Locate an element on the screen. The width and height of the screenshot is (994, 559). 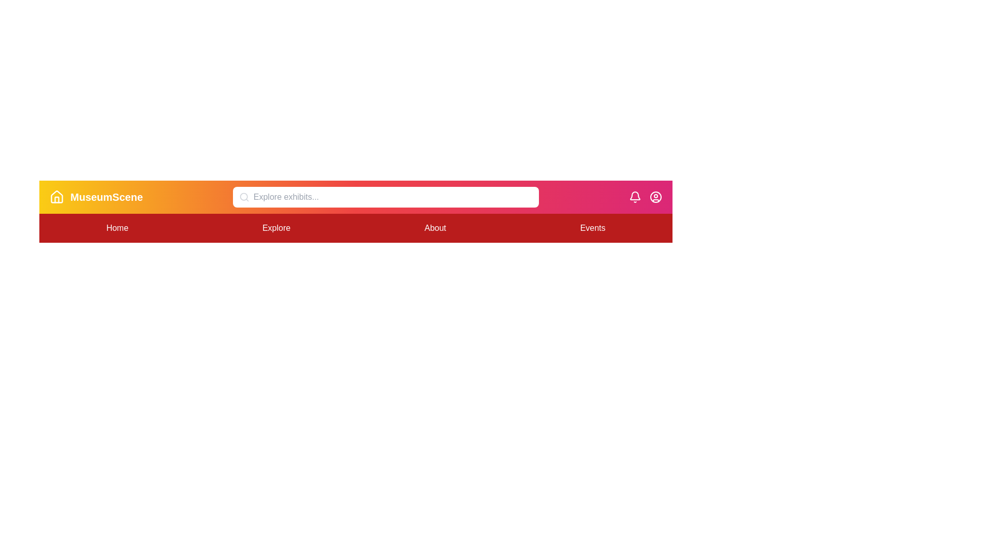
the 'Bell' icon to view notifications is located at coordinates (635, 197).